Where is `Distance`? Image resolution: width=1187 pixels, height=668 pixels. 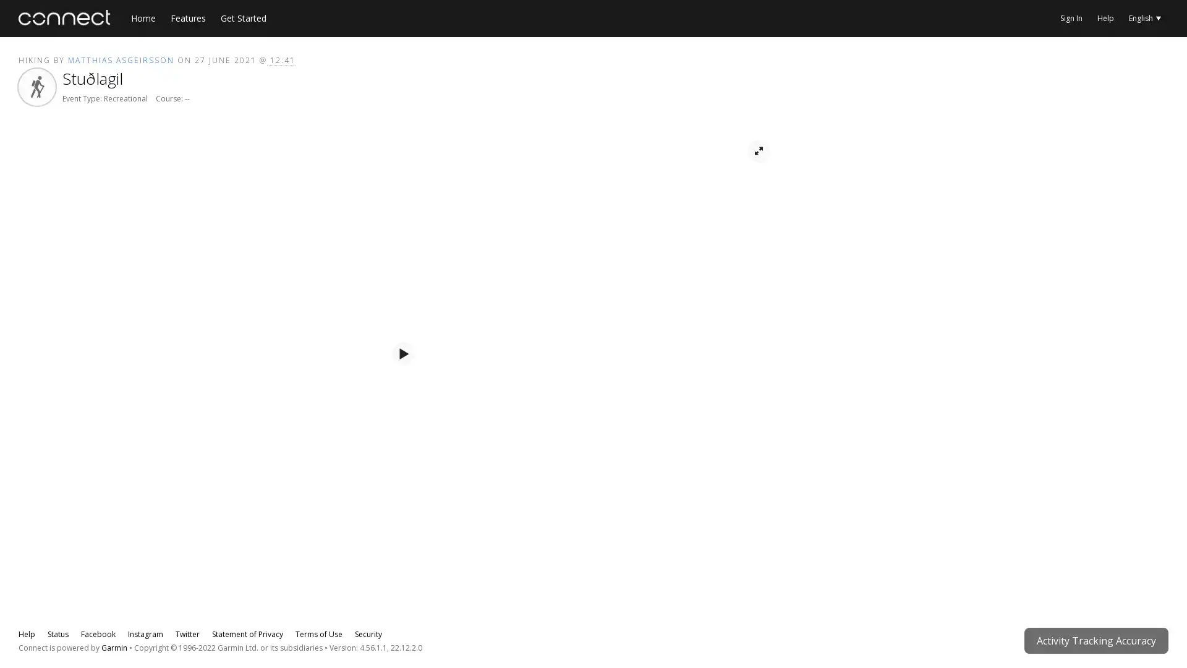 Distance is located at coordinates (751, 458).